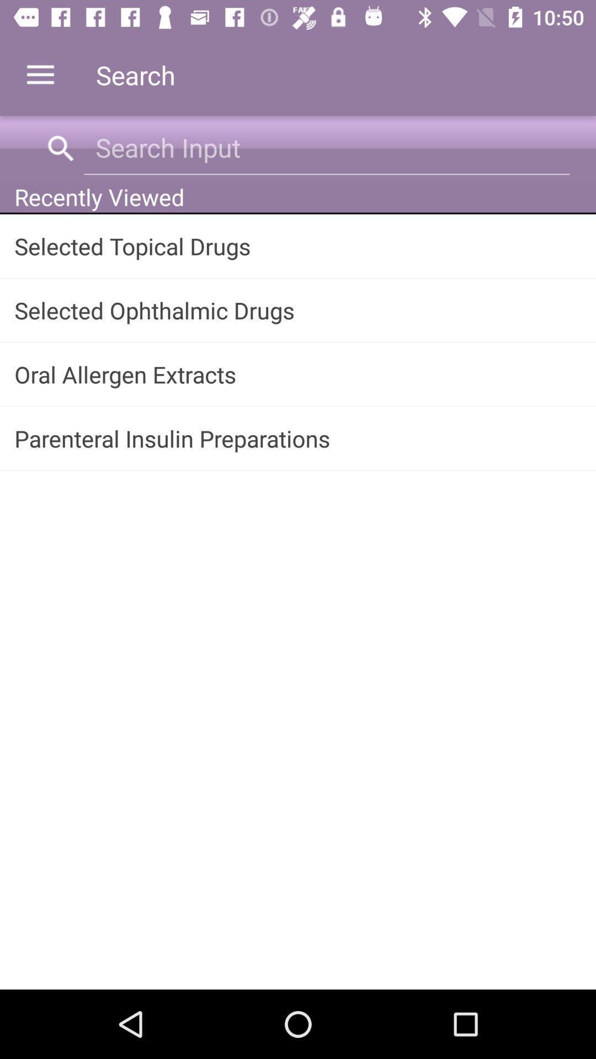  What do you see at coordinates (298, 374) in the screenshot?
I see `the icon above the parenteral insulin preparations item` at bounding box center [298, 374].